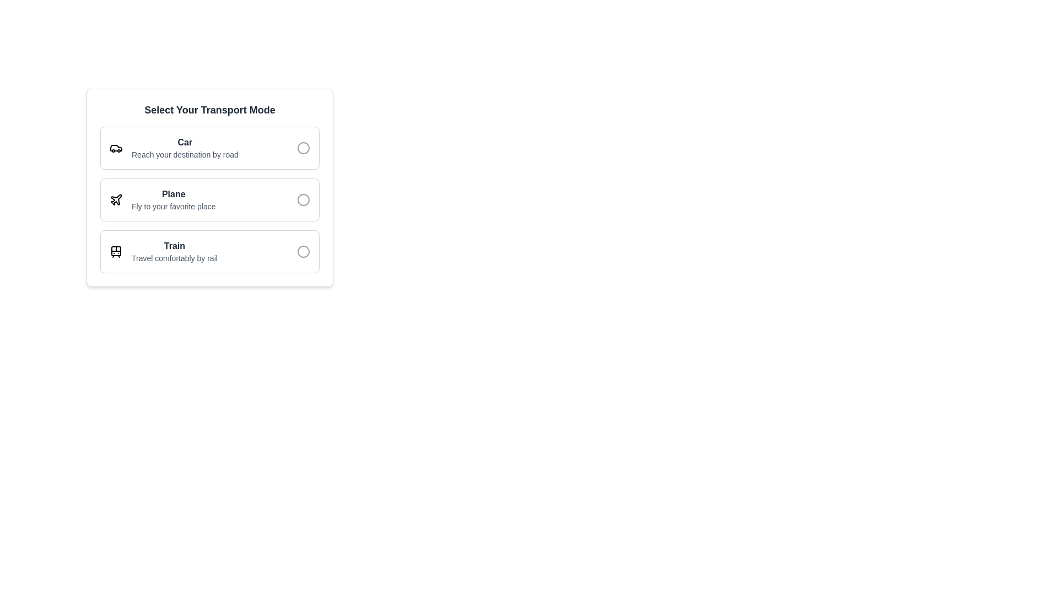  Describe the element at coordinates (173, 199) in the screenshot. I see `the Text Block element displaying 'Plane' with the description 'Fly to your favorite place', located in the second row of the transport options card` at that location.